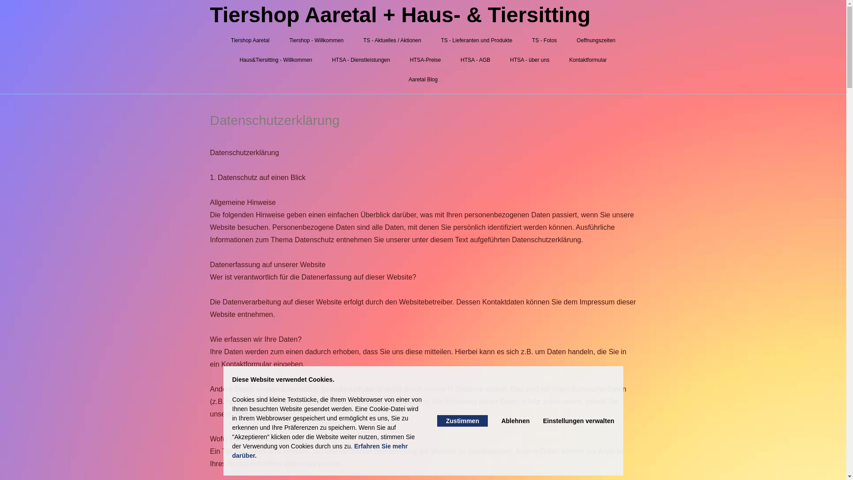 The height and width of the screenshot is (480, 853). I want to click on 'TS - Lieferanten und Produkte', so click(476, 40).